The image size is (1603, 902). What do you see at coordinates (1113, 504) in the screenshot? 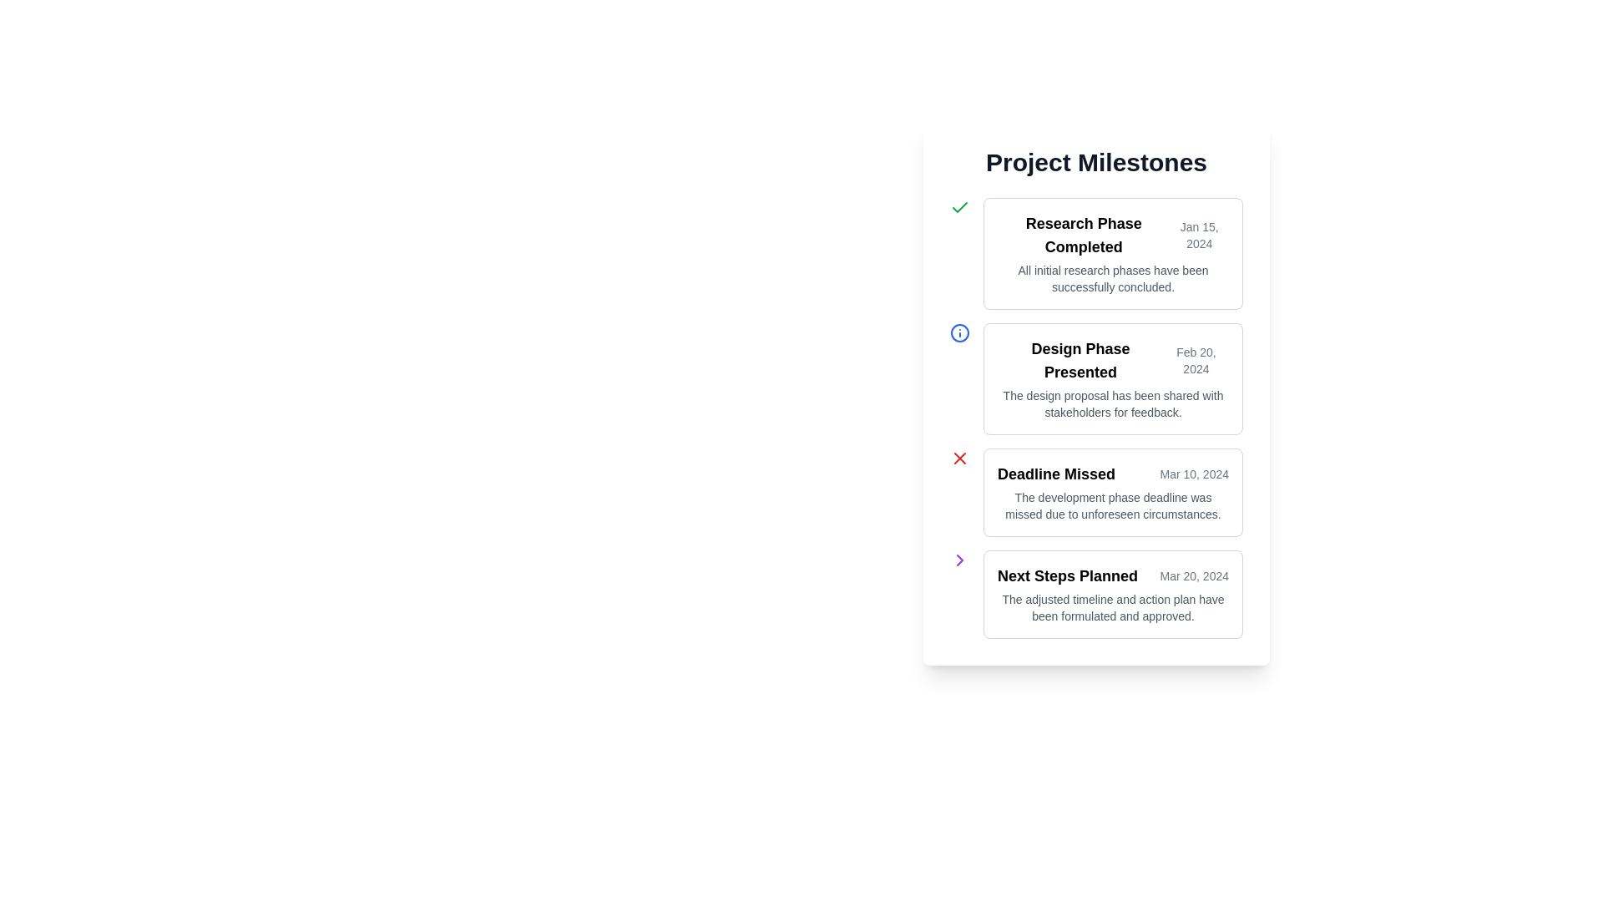
I see `descriptive text located below the title 'Deadline Missed' and the date 'Mar 10, 2024' in the third milestone card of the timeline view` at bounding box center [1113, 504].